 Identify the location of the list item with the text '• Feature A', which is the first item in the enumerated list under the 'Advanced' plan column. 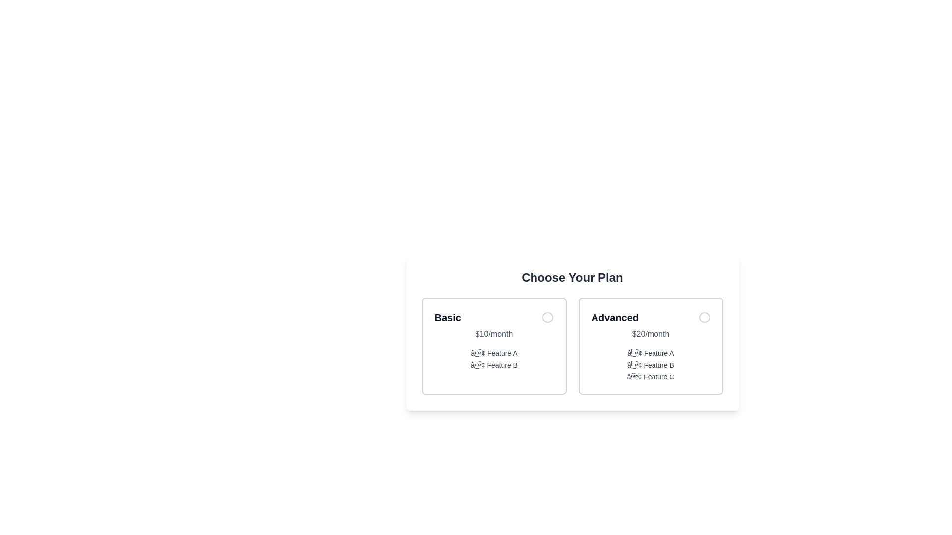
(651, 353).